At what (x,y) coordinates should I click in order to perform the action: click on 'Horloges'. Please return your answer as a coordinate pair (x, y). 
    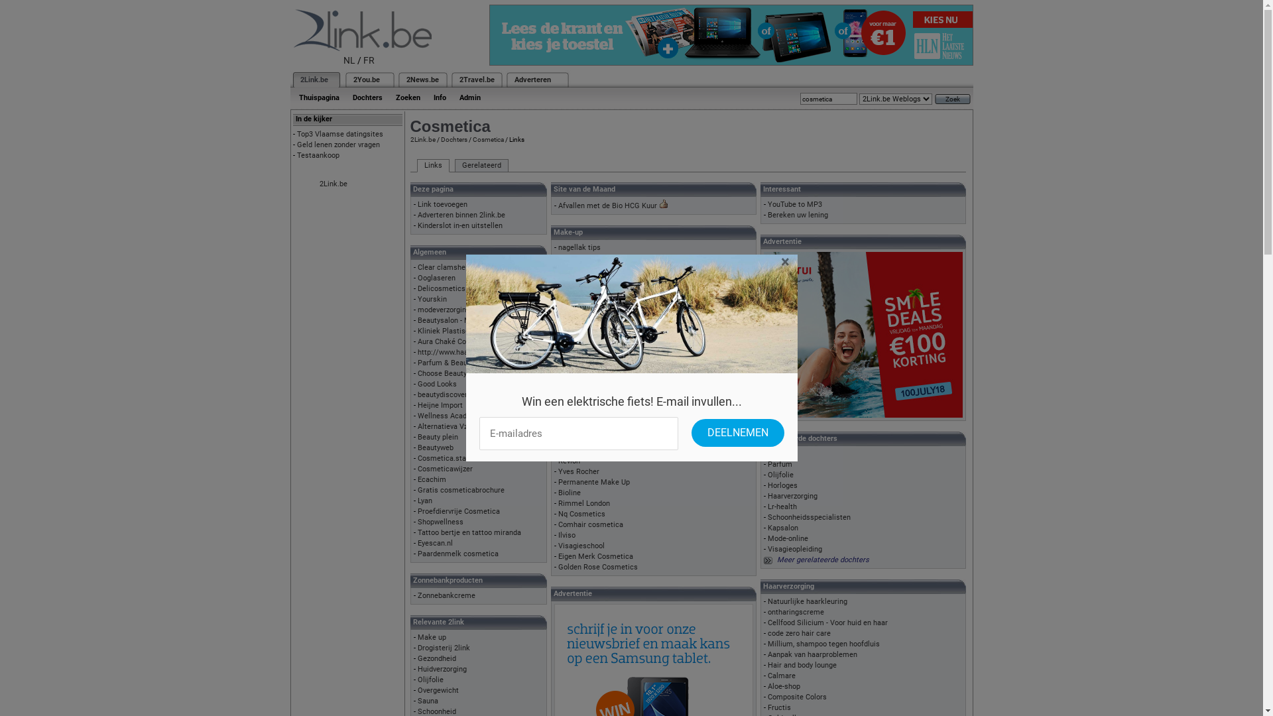
    Looking at the image, I should click on (782, 485).